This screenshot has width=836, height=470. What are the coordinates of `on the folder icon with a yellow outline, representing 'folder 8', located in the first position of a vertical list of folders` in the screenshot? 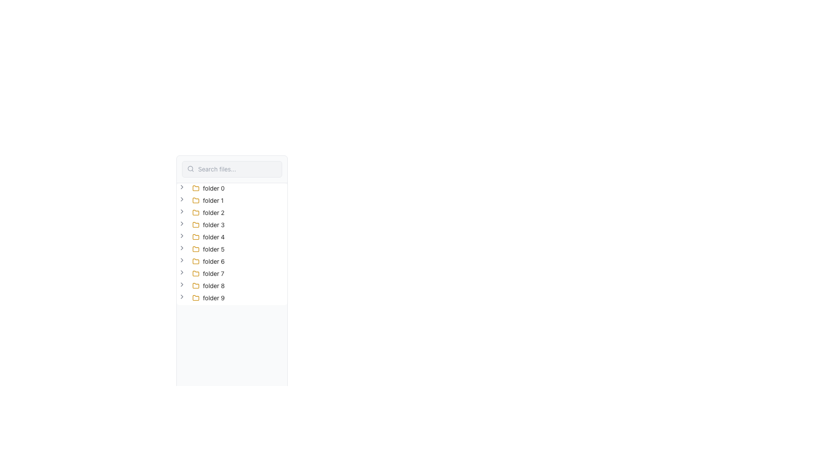 It's located at (196, 285).